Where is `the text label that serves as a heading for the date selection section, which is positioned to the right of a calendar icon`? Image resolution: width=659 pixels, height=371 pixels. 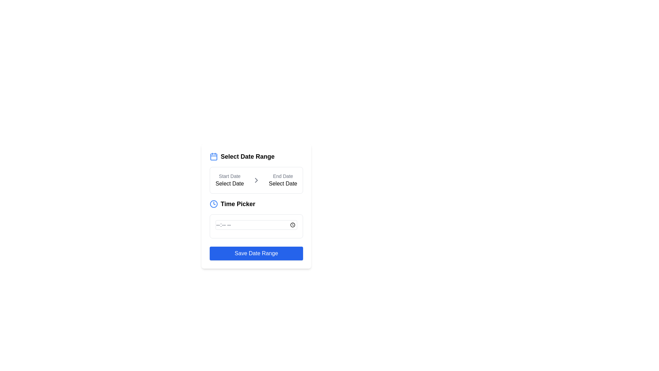 the text label that serves as a heading for the date selection section, which is positioned to the right of a calendar icon is located at coordinates (247, 156).